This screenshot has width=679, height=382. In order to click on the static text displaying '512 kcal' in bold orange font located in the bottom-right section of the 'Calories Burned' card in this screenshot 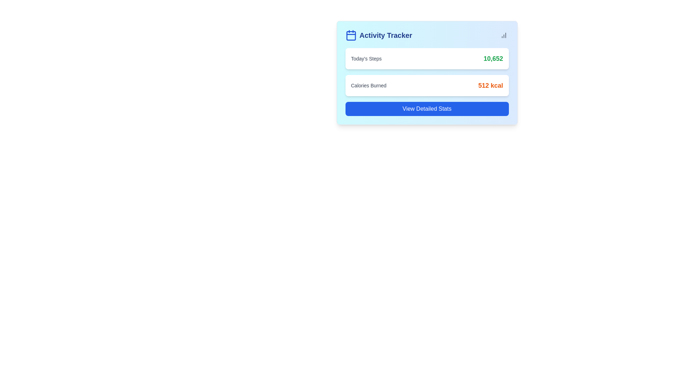, I will do `click(490, 85)`.